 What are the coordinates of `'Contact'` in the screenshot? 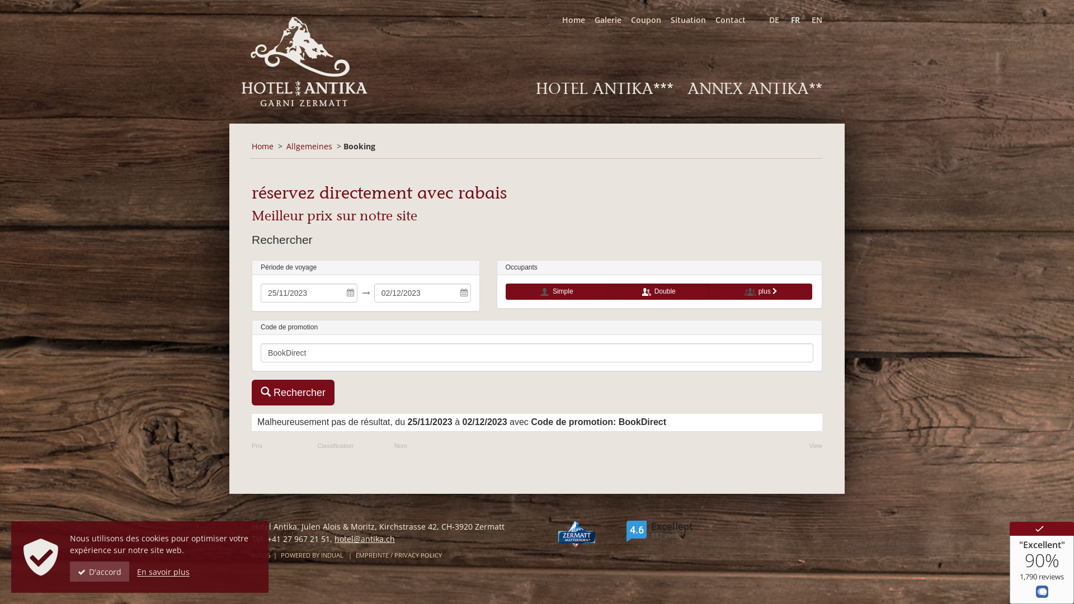 It's located at (726, 20).